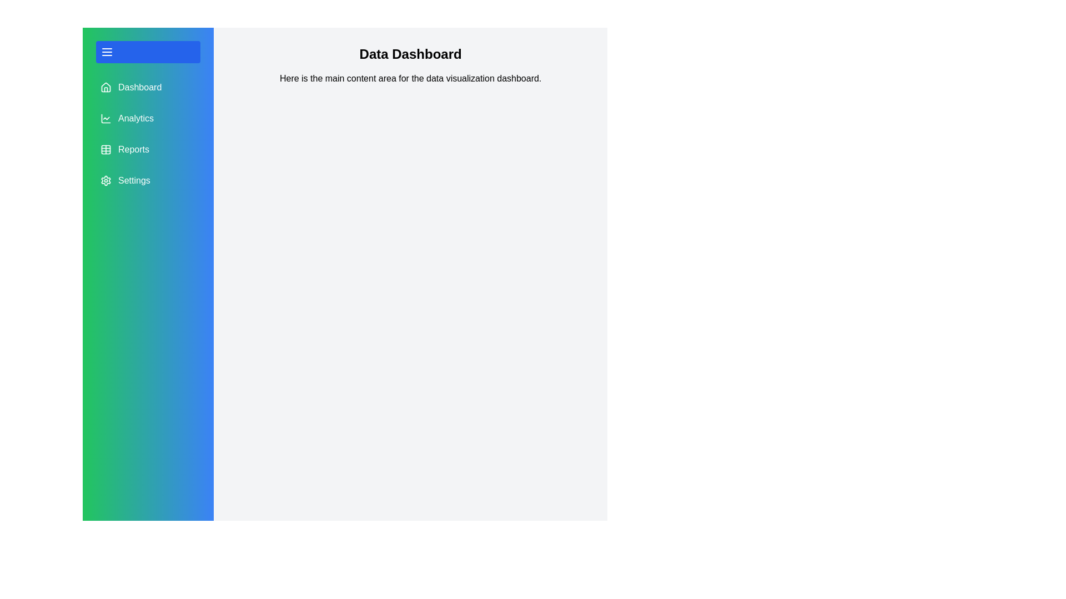 The height and width of the screenshot is (599, 1066). Describe the element at coordinates (148, 118) in the screenshot. I see `the menu item Analytics to observe its hover effect` at that location.